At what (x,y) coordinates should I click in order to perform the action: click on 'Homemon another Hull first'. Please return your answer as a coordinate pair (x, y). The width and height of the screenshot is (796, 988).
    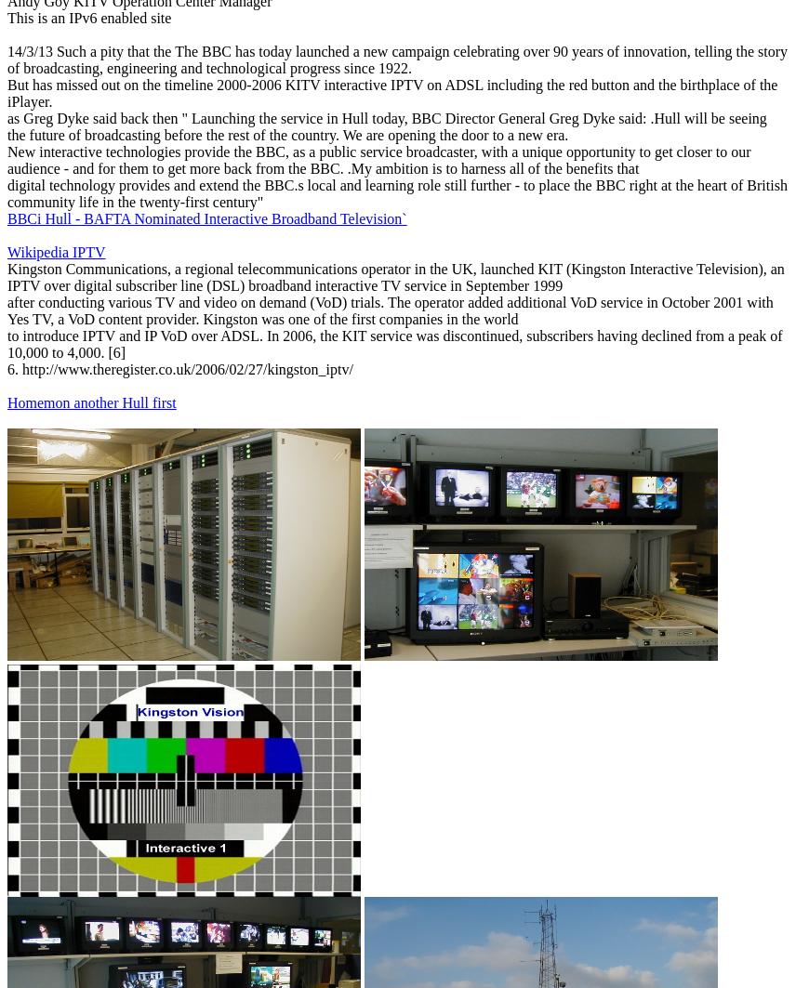
    Looking at the image, I should click on (7, 402).